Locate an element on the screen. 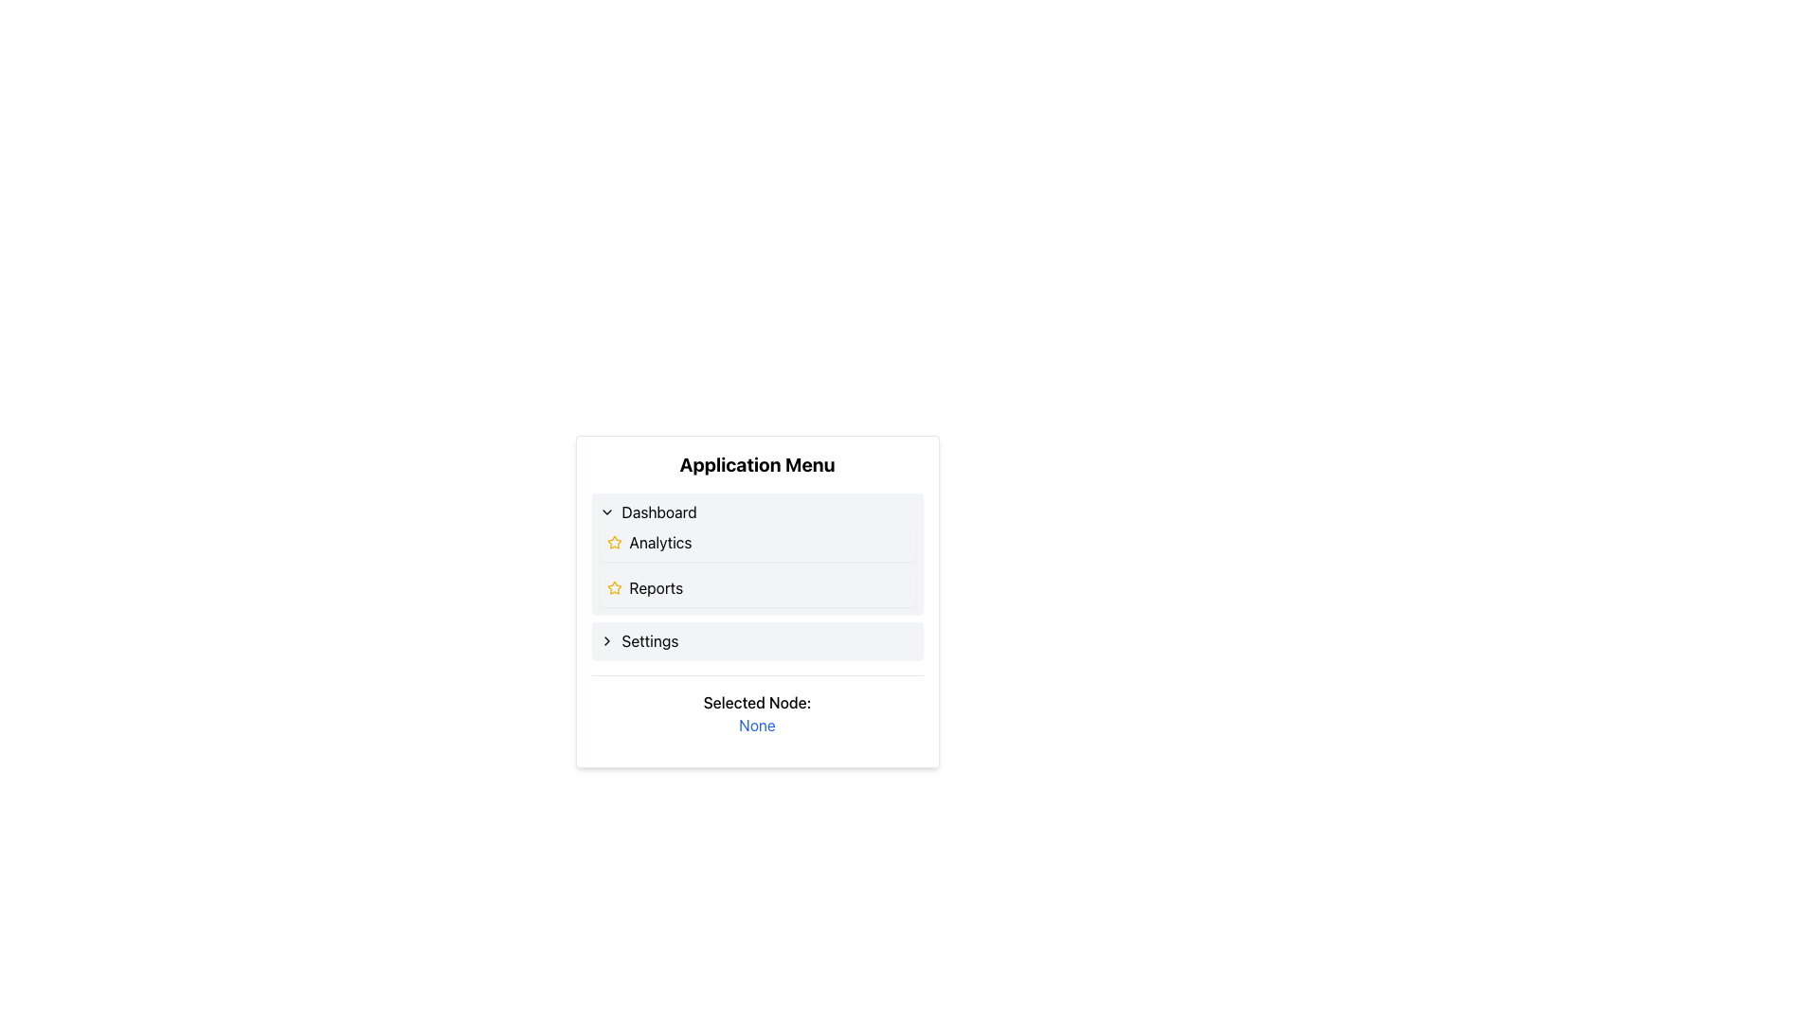 This screenshot has height=1023, width=1819. the star icon located to the left of the 'Reports' label in the second row of the menu is located at coordinates (614, 587).